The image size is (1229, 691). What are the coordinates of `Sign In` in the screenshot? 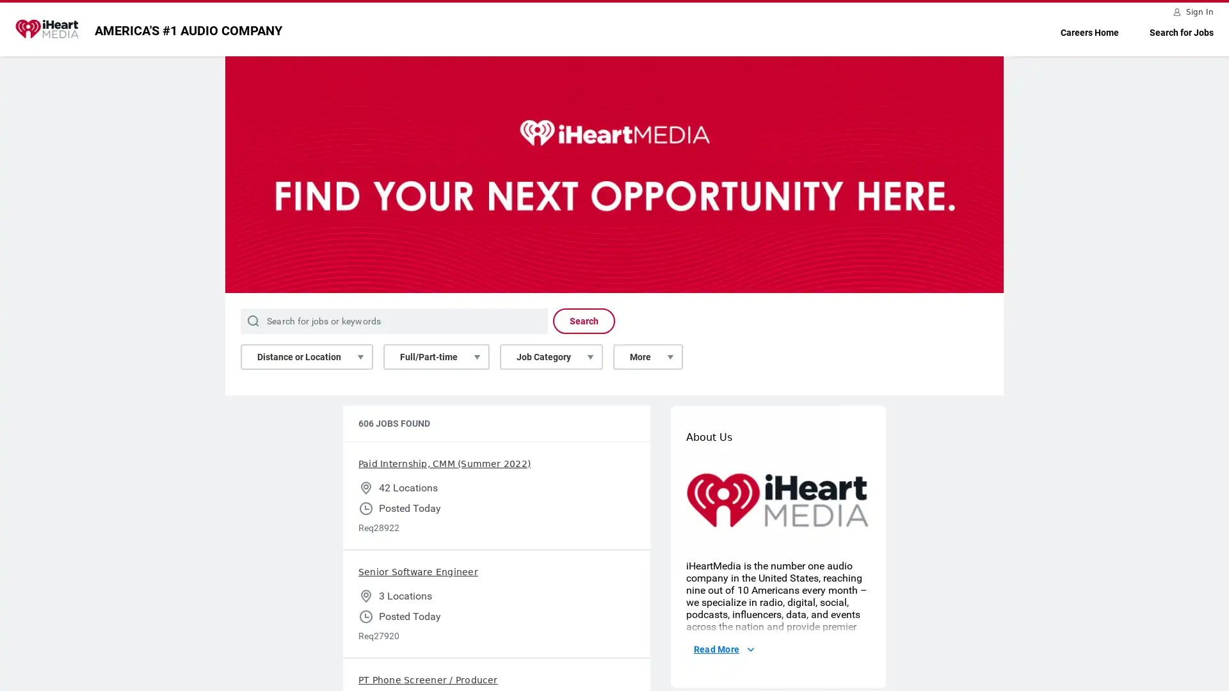 It's located at (1194, 12).